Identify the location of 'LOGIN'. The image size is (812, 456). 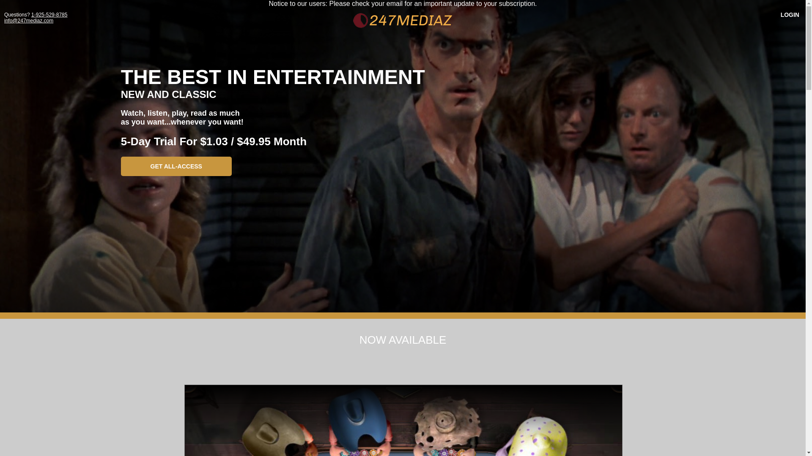
(789, 14).